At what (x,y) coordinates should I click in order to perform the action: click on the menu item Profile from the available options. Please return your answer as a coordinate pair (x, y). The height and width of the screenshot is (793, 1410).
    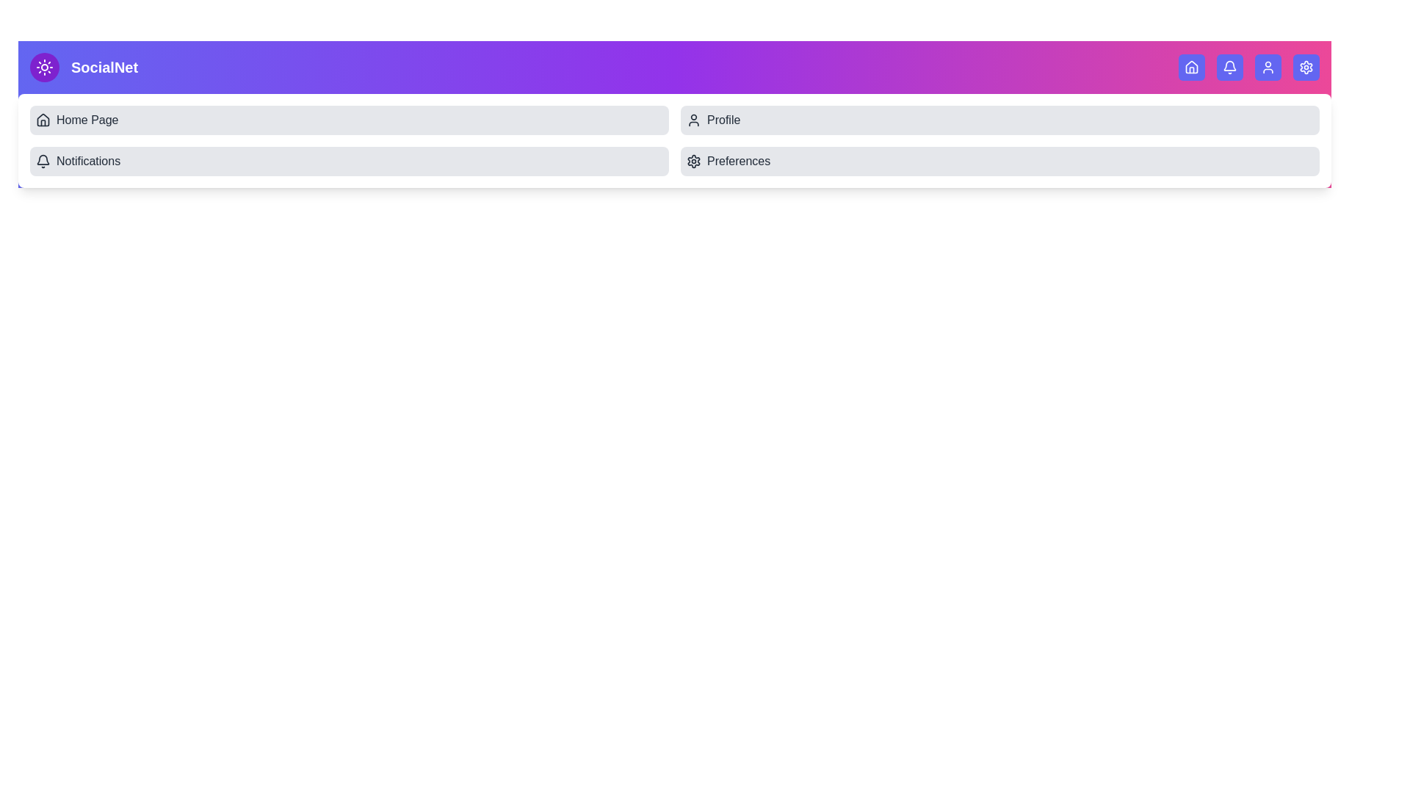
    Looking at the image, I should click on (999, 120).